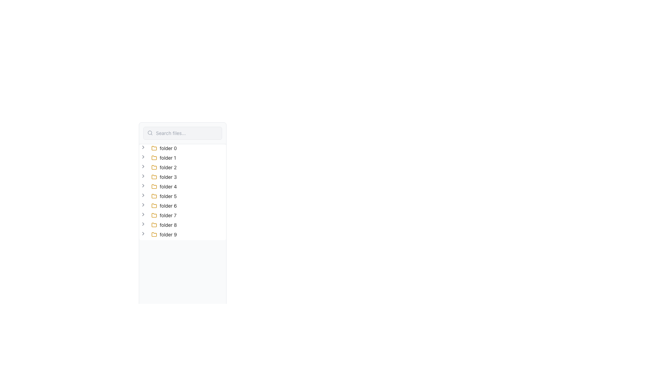  Describe the element at coordinates (143, 147) in the screenshot. I see `the toggle button next to the first folder item titled 'folder 0' in the file tree navigation list` at that location.